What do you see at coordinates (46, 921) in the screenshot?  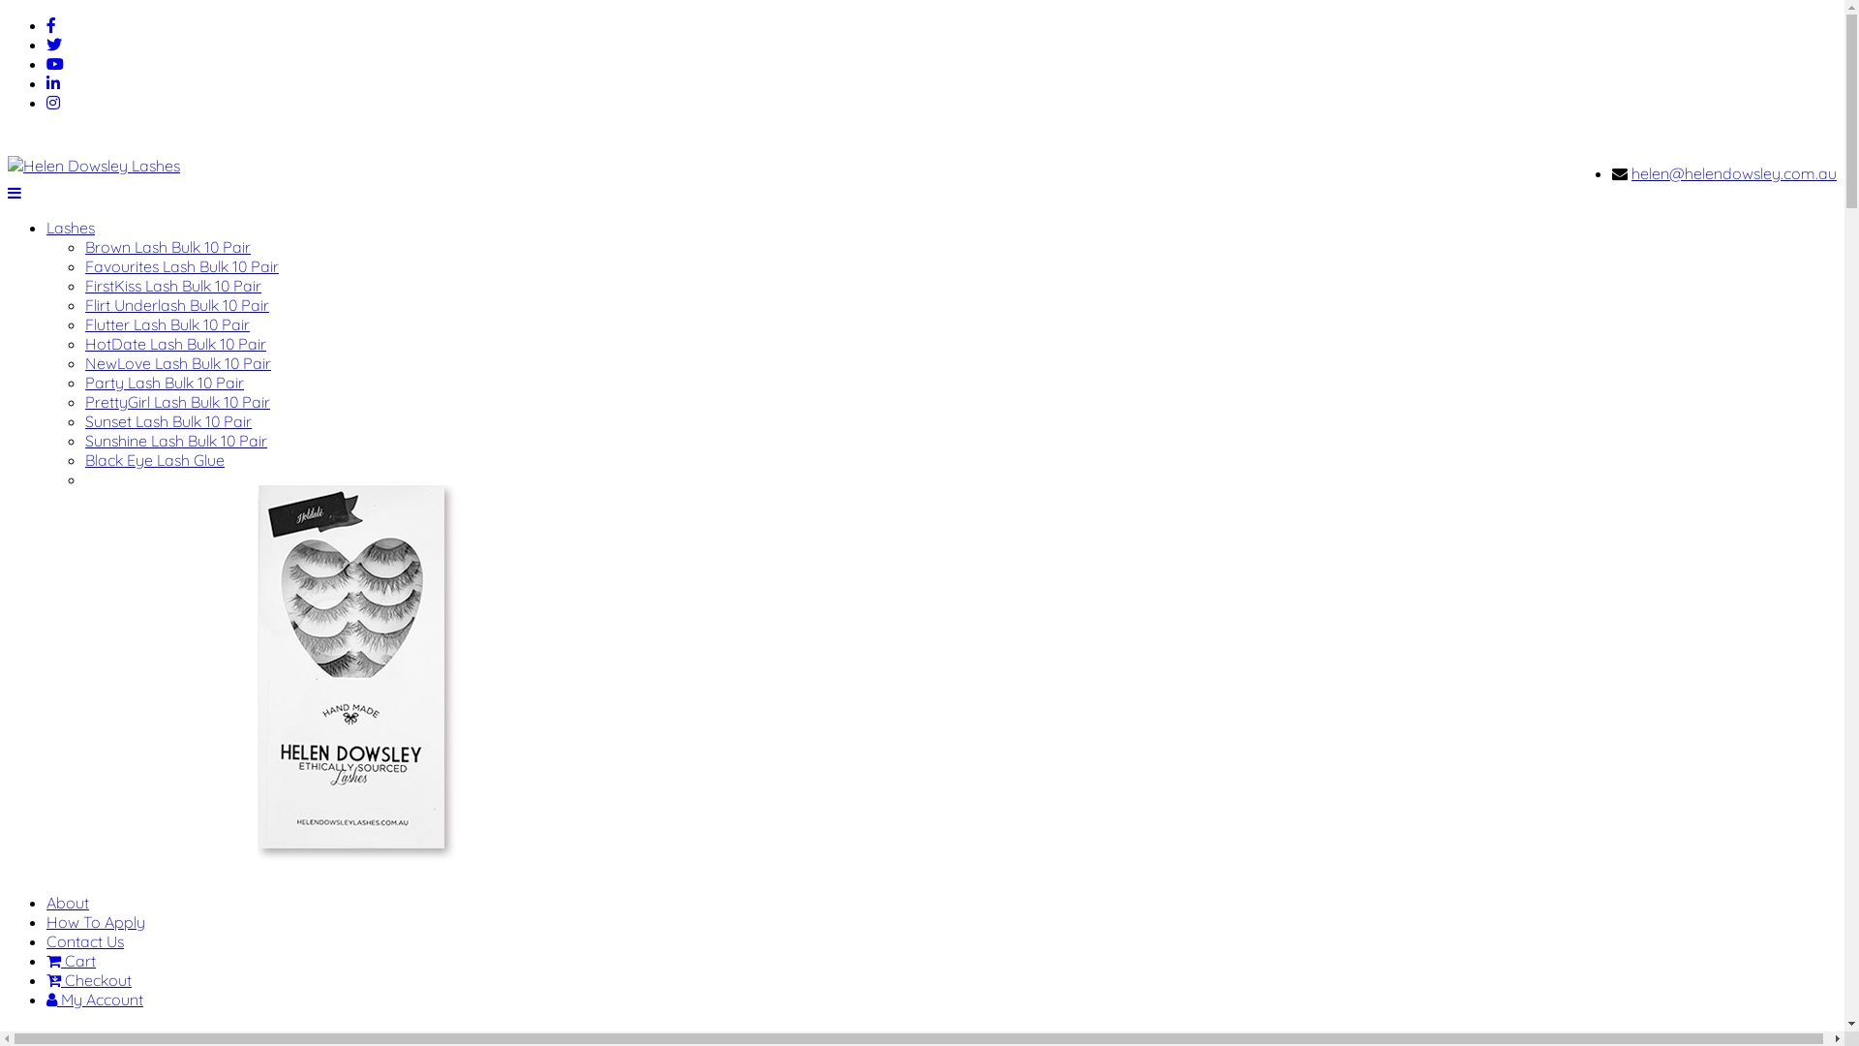 I see `'How To Apply'` at bounding box center [46, 921].